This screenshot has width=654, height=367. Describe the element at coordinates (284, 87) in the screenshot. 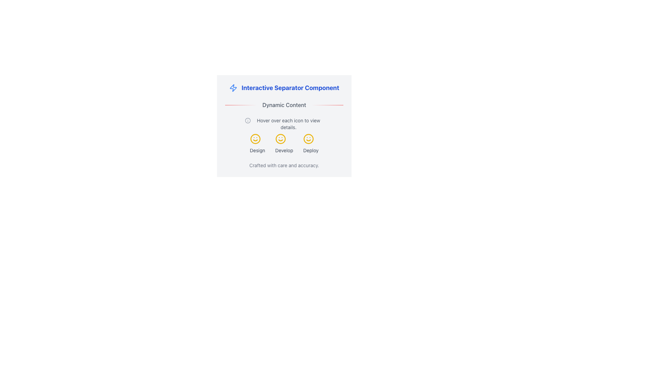

I see `the header element with an icon that indicates the section title` at that location.